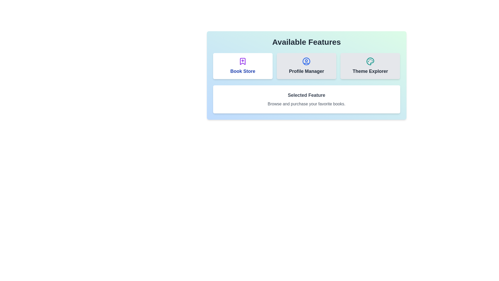 This screenshot has height=281, width=499. I want to click on text displayed in the 'Profile Manager' label, which is bold and large, located below the user profile icon in the second feature card, so click(306, 71).